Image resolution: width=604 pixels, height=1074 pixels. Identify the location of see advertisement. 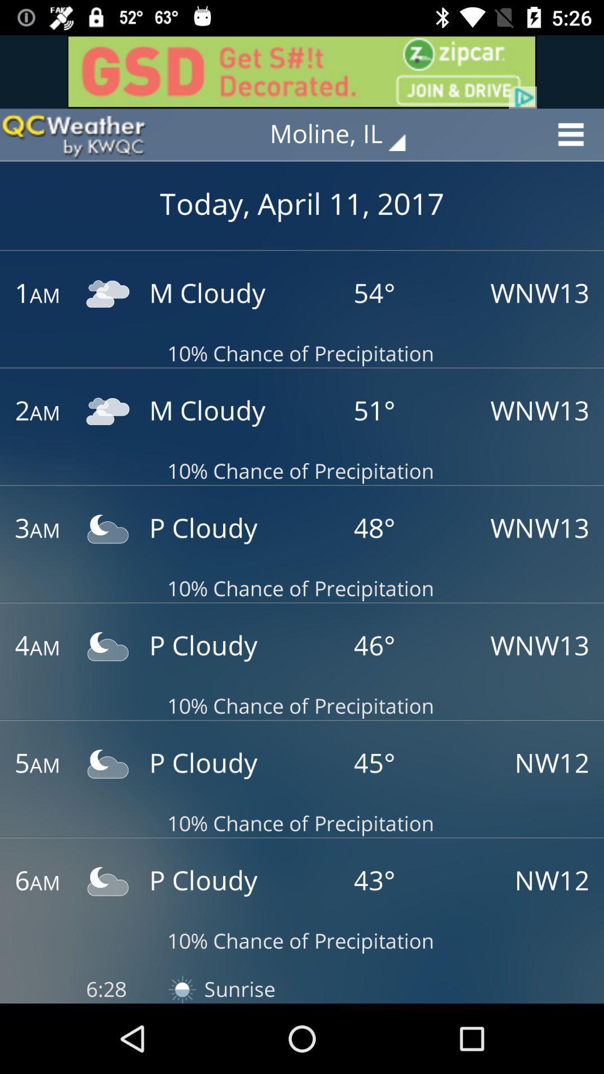
(302, 71).